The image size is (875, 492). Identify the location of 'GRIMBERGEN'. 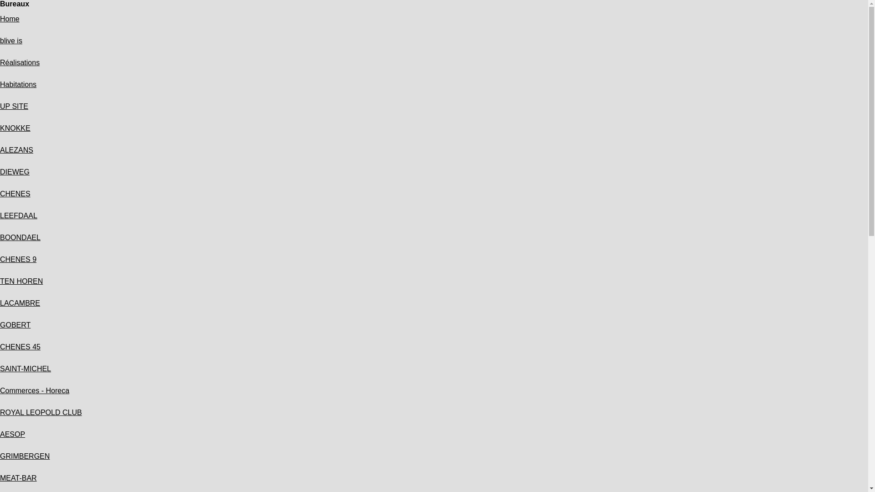
(25, 456).